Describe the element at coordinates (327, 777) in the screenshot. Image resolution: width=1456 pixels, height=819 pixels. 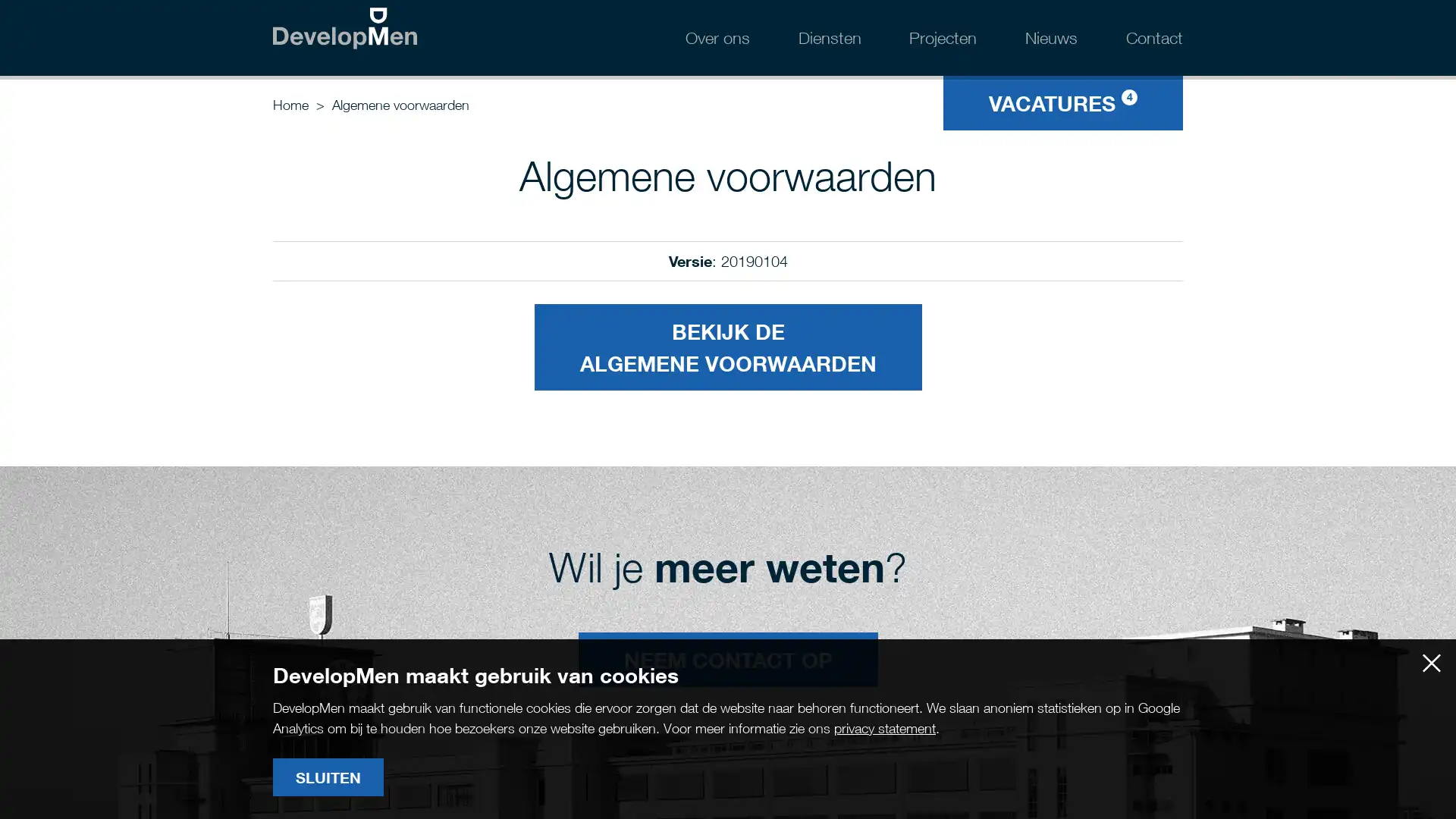
I see `SLUITEN` at that location.